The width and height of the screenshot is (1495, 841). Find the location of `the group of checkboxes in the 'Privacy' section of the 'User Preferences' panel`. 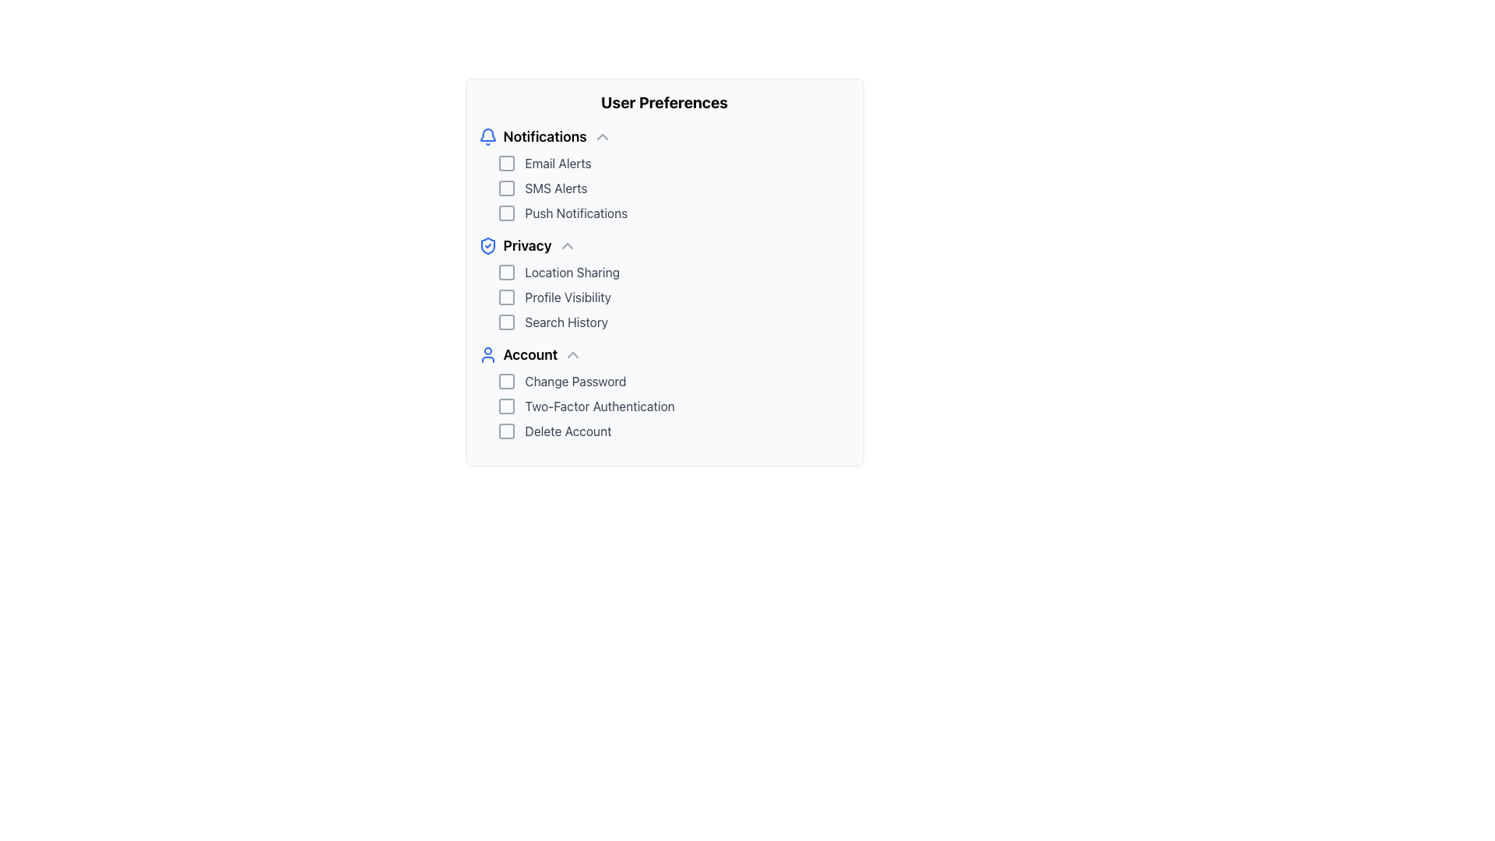

the group of checkboxes in the 'Privacy' section of the 'User Preferences' panel is located at coordinates (664, 297).